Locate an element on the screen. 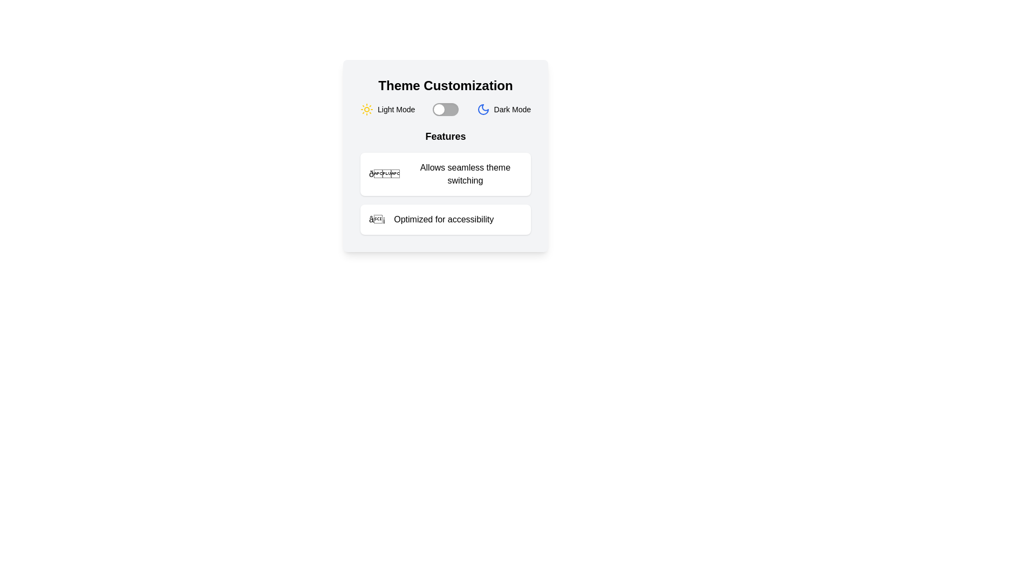  the Toggle Switch located in the 'Theme Customization' section is located at coordinates (445, 110).